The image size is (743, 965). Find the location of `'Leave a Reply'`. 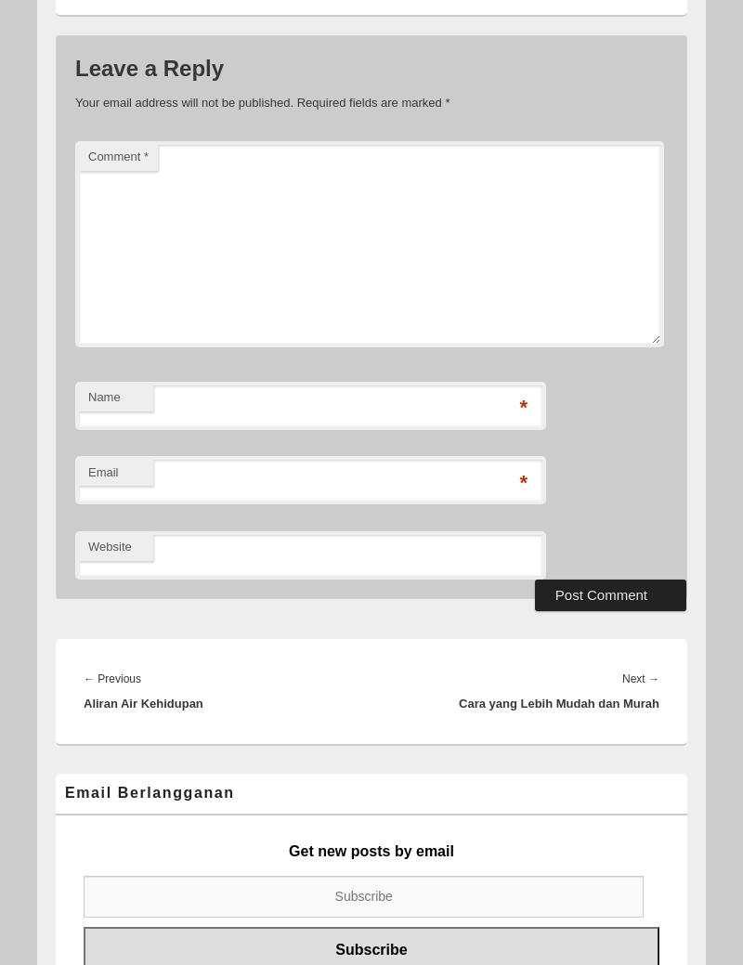

'Leave a Reply' is located at coordinates (75, 66).